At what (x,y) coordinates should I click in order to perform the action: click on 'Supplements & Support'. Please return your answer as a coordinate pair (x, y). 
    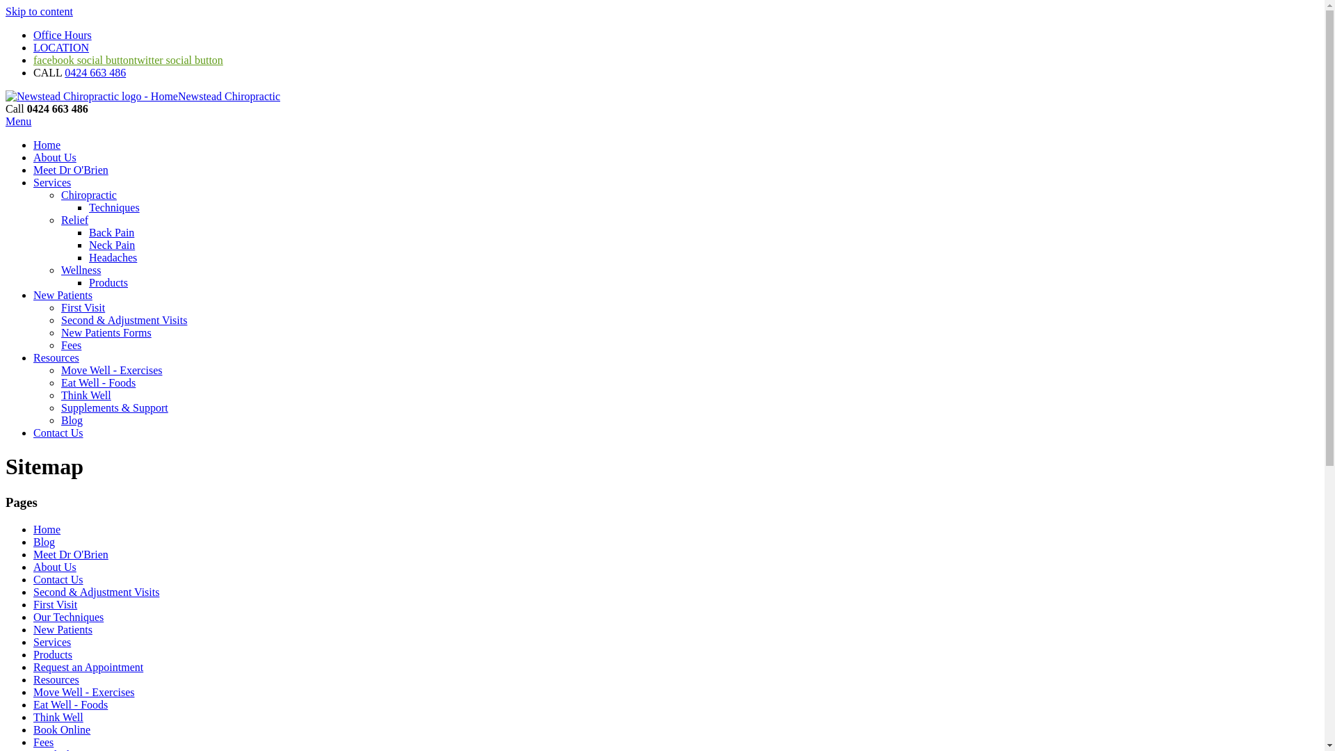
    Looking at the image, I should click on (114, 407).